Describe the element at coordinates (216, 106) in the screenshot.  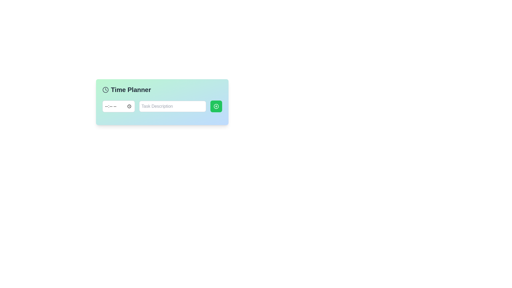
I see `the interactive icon located within the green button on the right side of the 'Time Planner' section, adjacent to the white text input field for task description` at that location.